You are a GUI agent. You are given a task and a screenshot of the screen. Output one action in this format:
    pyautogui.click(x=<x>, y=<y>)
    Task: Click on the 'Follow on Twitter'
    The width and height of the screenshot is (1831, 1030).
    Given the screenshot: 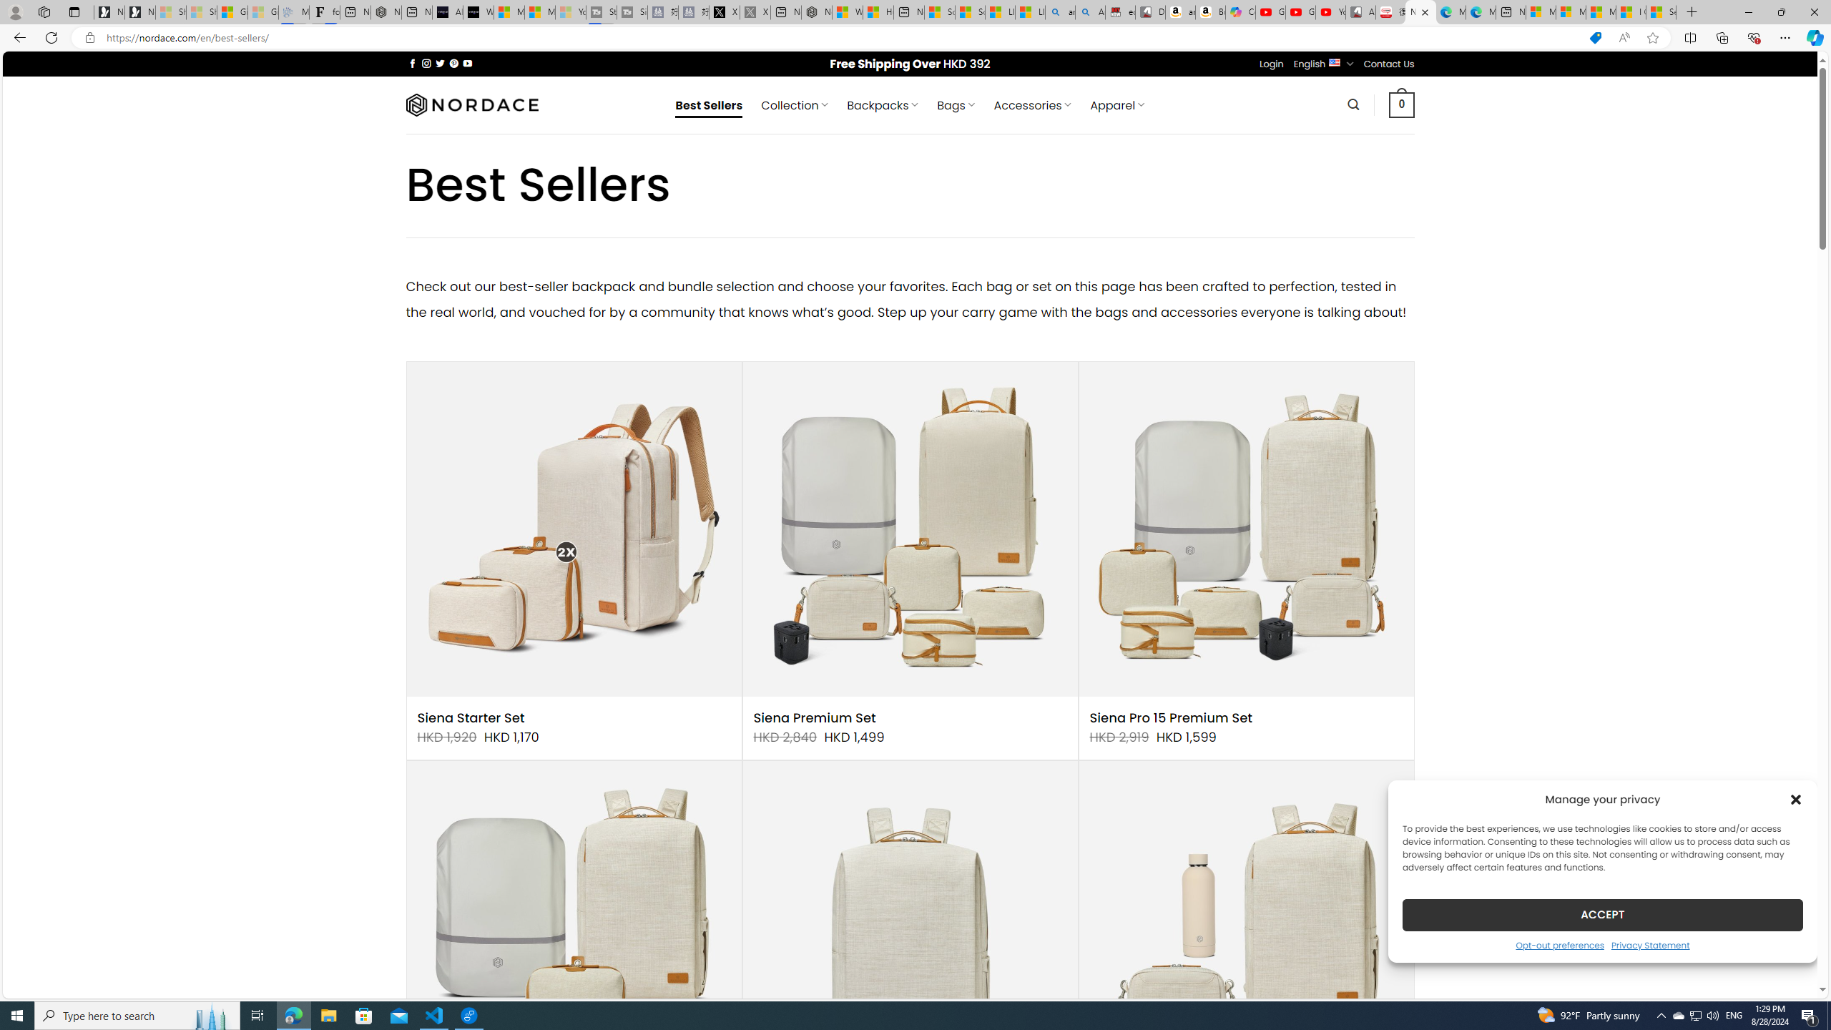 What is the action you would take?
    pyautogui.click(x=440, y=63)
    